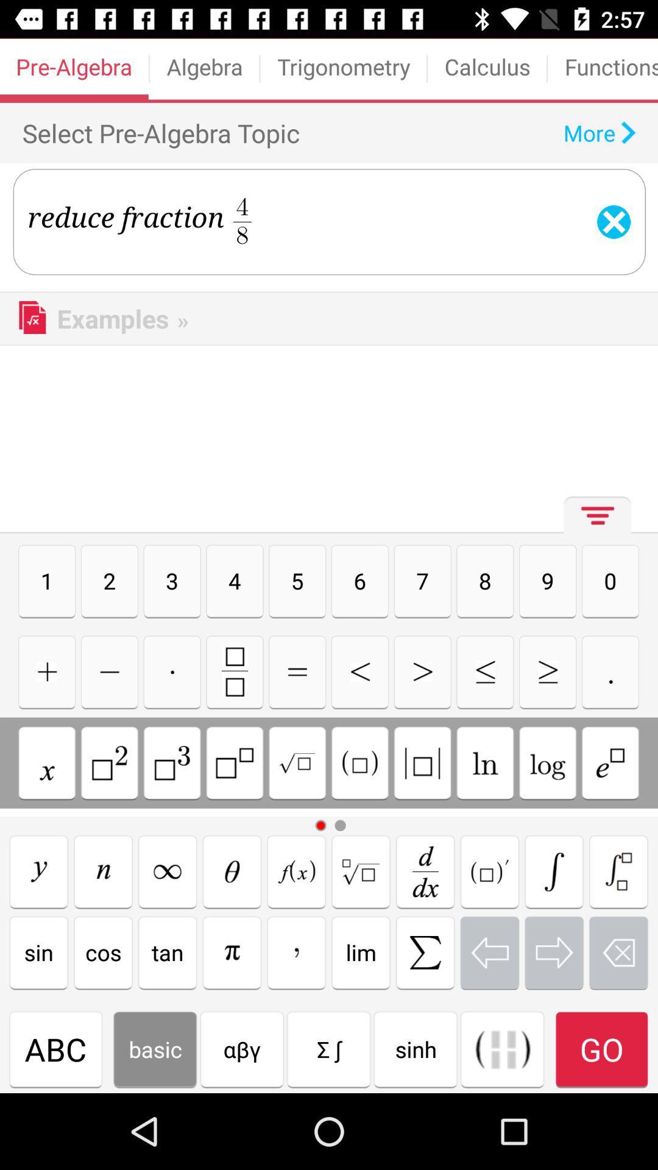  Describe the element at coordinates (425, 952) in the screenshot. I see `keyboard input symbols` at that location.